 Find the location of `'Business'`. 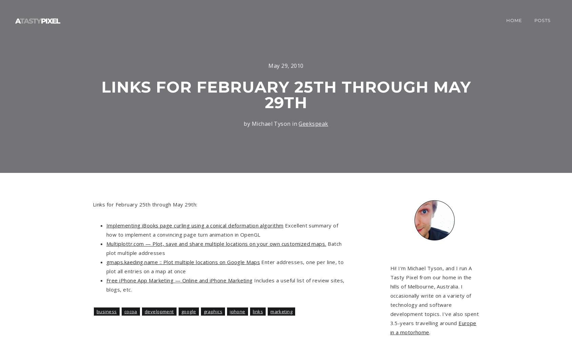

'Business' is located at coordinates (106, 312).